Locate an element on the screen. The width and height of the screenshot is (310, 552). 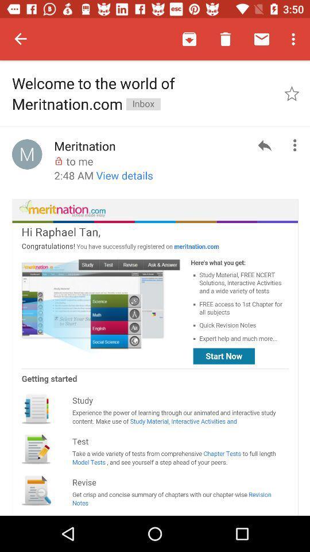
the fourth option from the right is located at coordinates (189, 39).